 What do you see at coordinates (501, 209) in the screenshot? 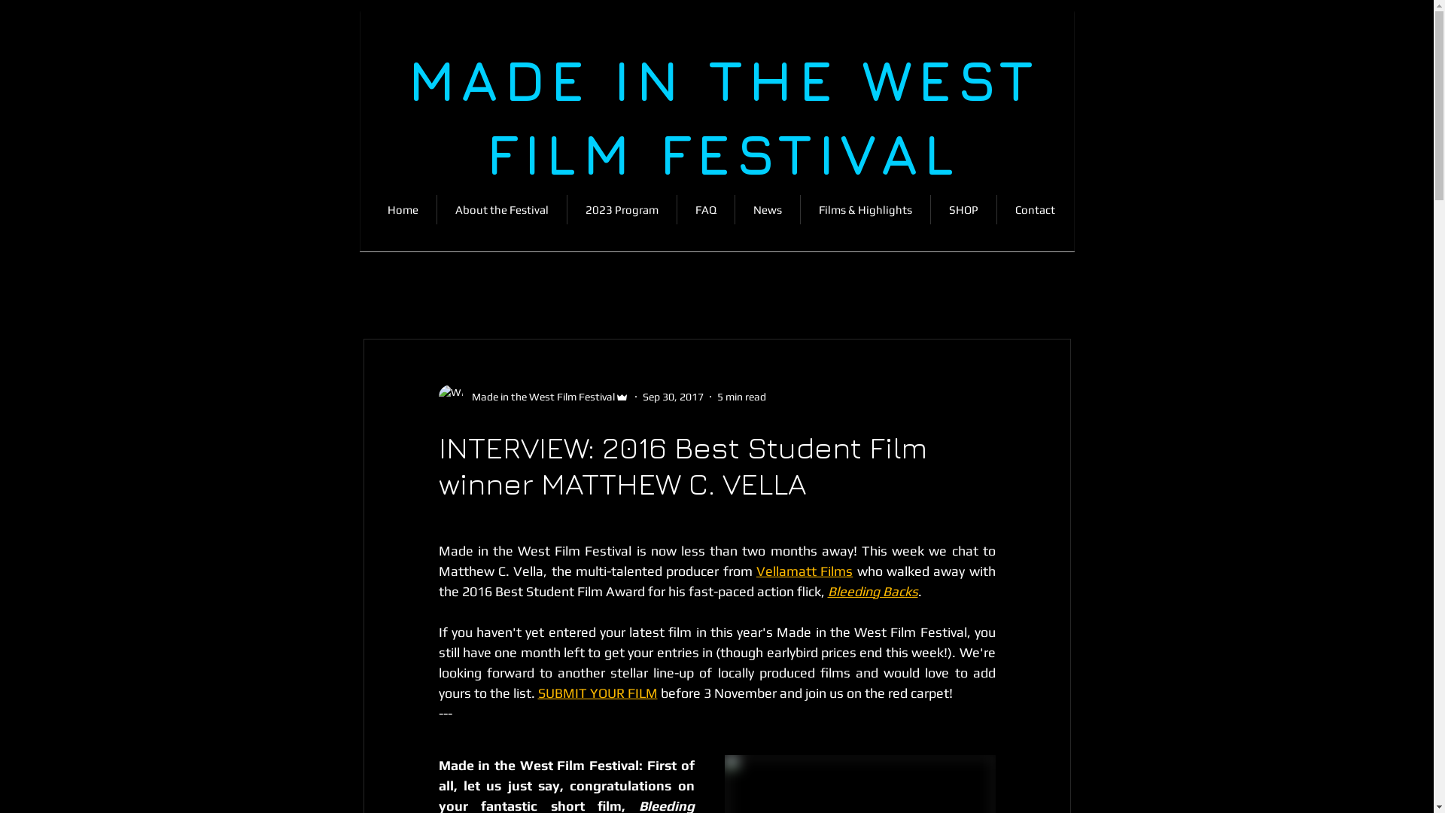
I see `'About the Festival'` at bounding box center [501, 209].